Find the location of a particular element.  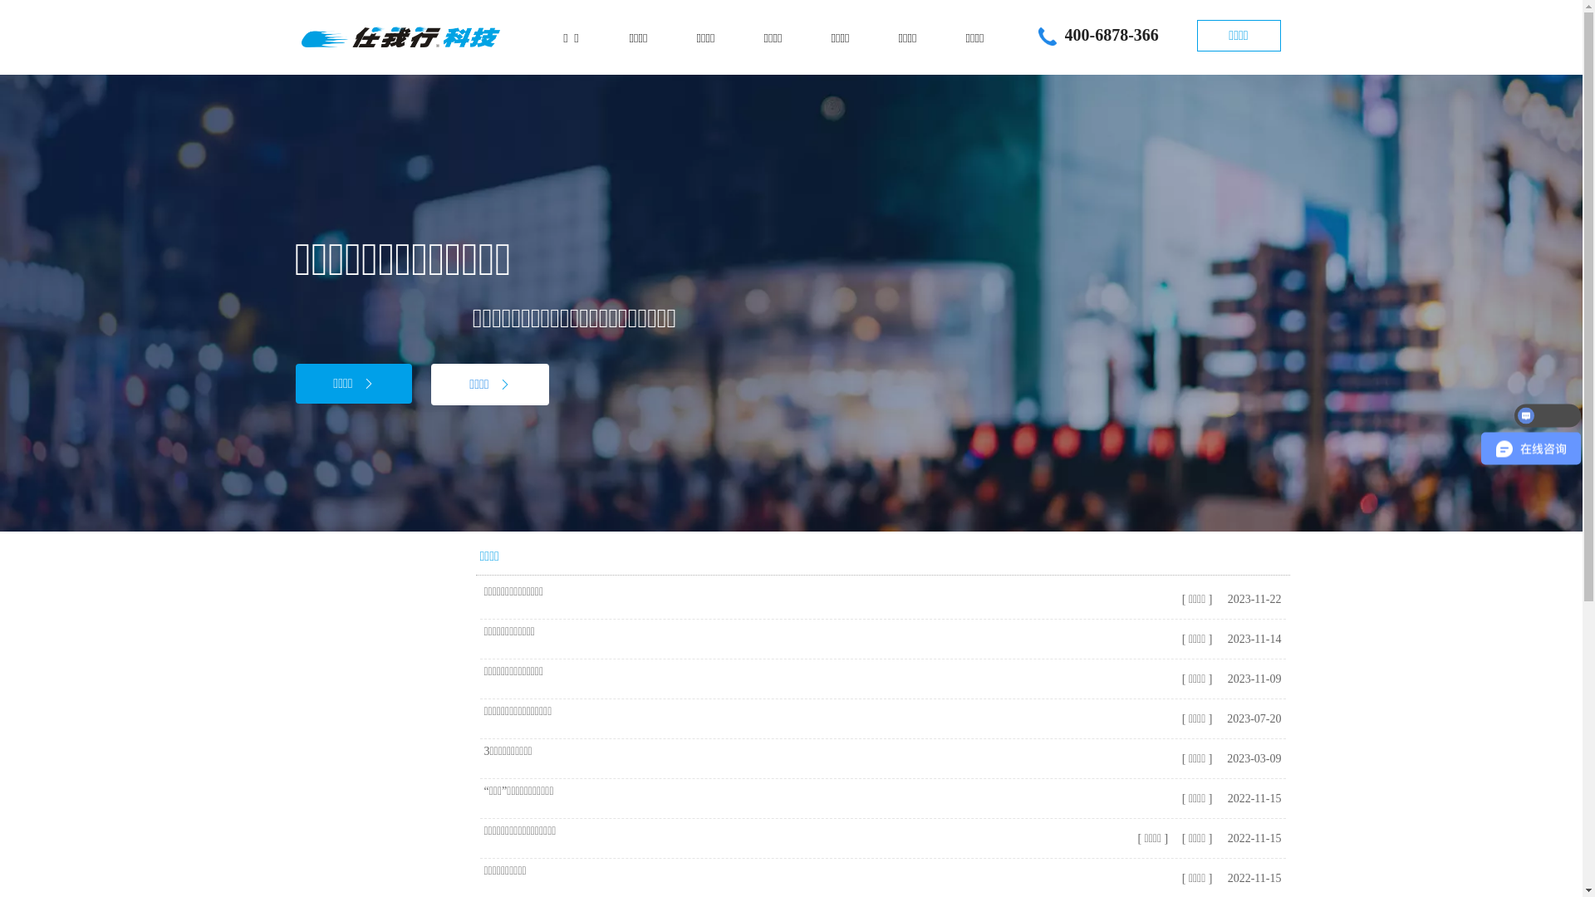

'2022-11-15' is located at coordinates (1252, 797).